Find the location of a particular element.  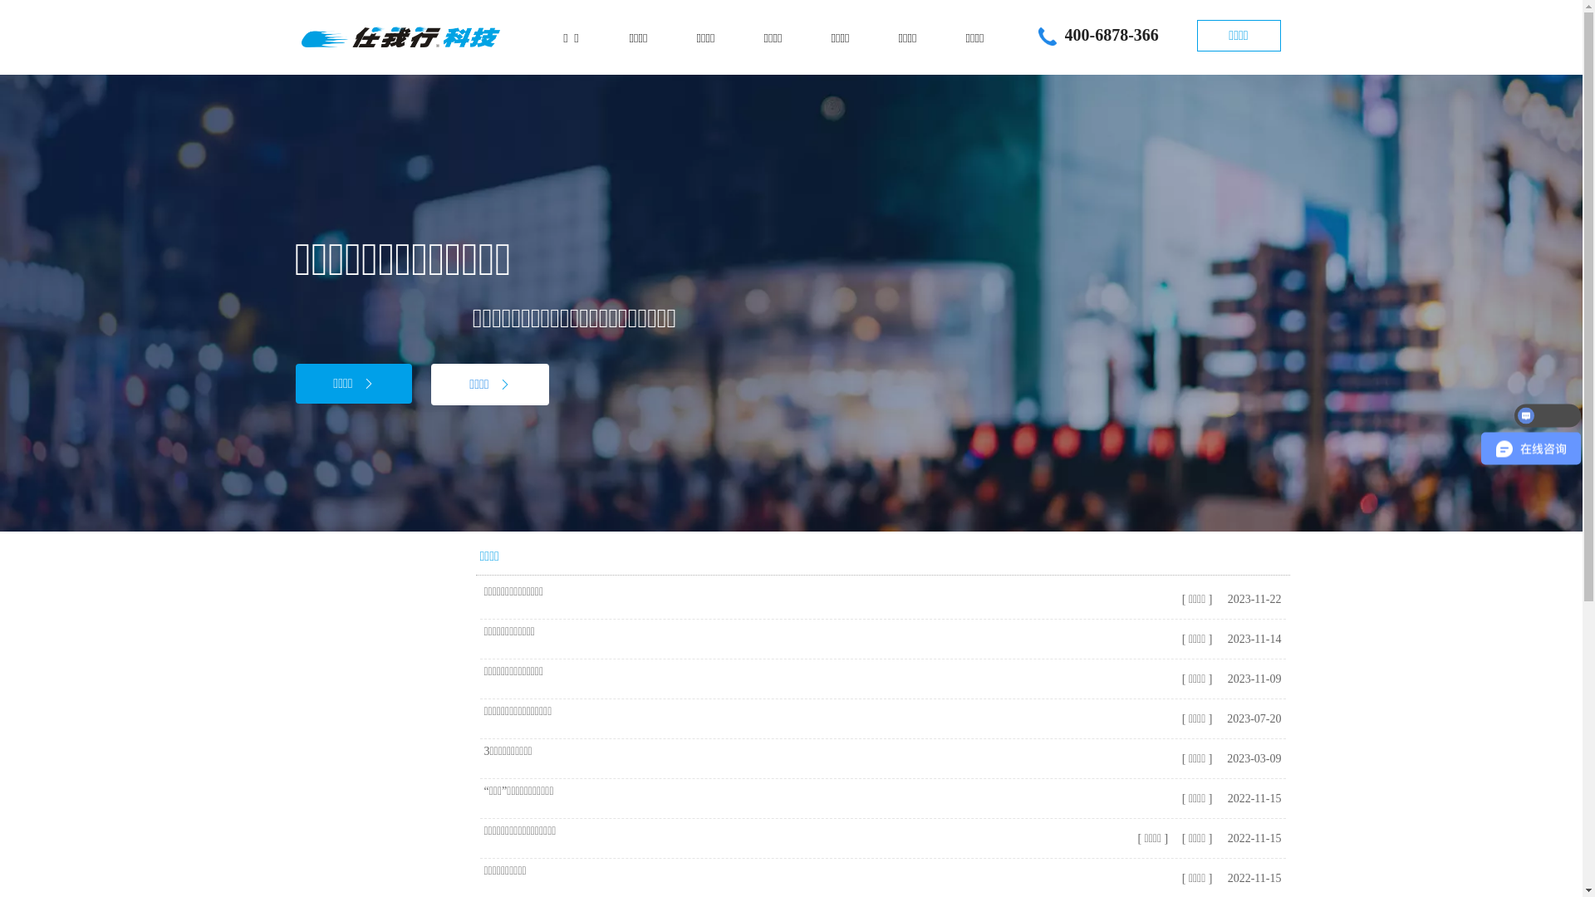

'2022-11-15' is located at coordinates (1252, 797).